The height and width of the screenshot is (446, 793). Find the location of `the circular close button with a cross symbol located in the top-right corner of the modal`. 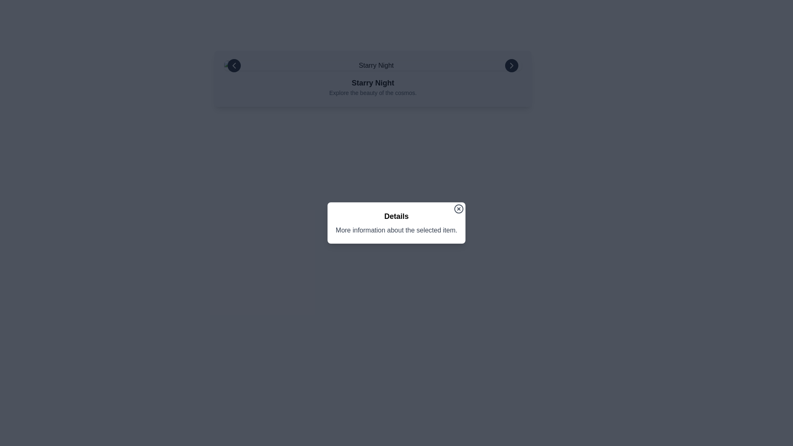

the circular close button with a cross symbol located in the top-right corner of the modal is located at coordinates (458, 208).